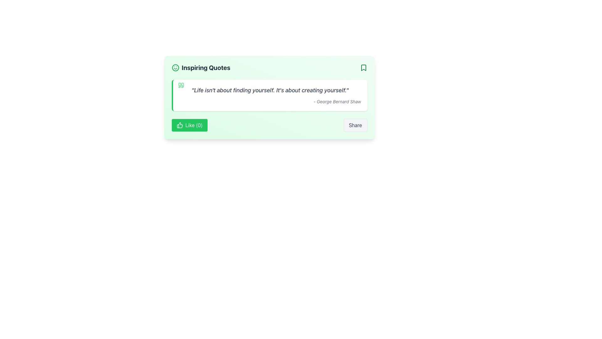 This screenshot has height=339, width=602. I want to click on the 'Like (0)' button with a green background and thumbs-up icon, so click(189, 125).